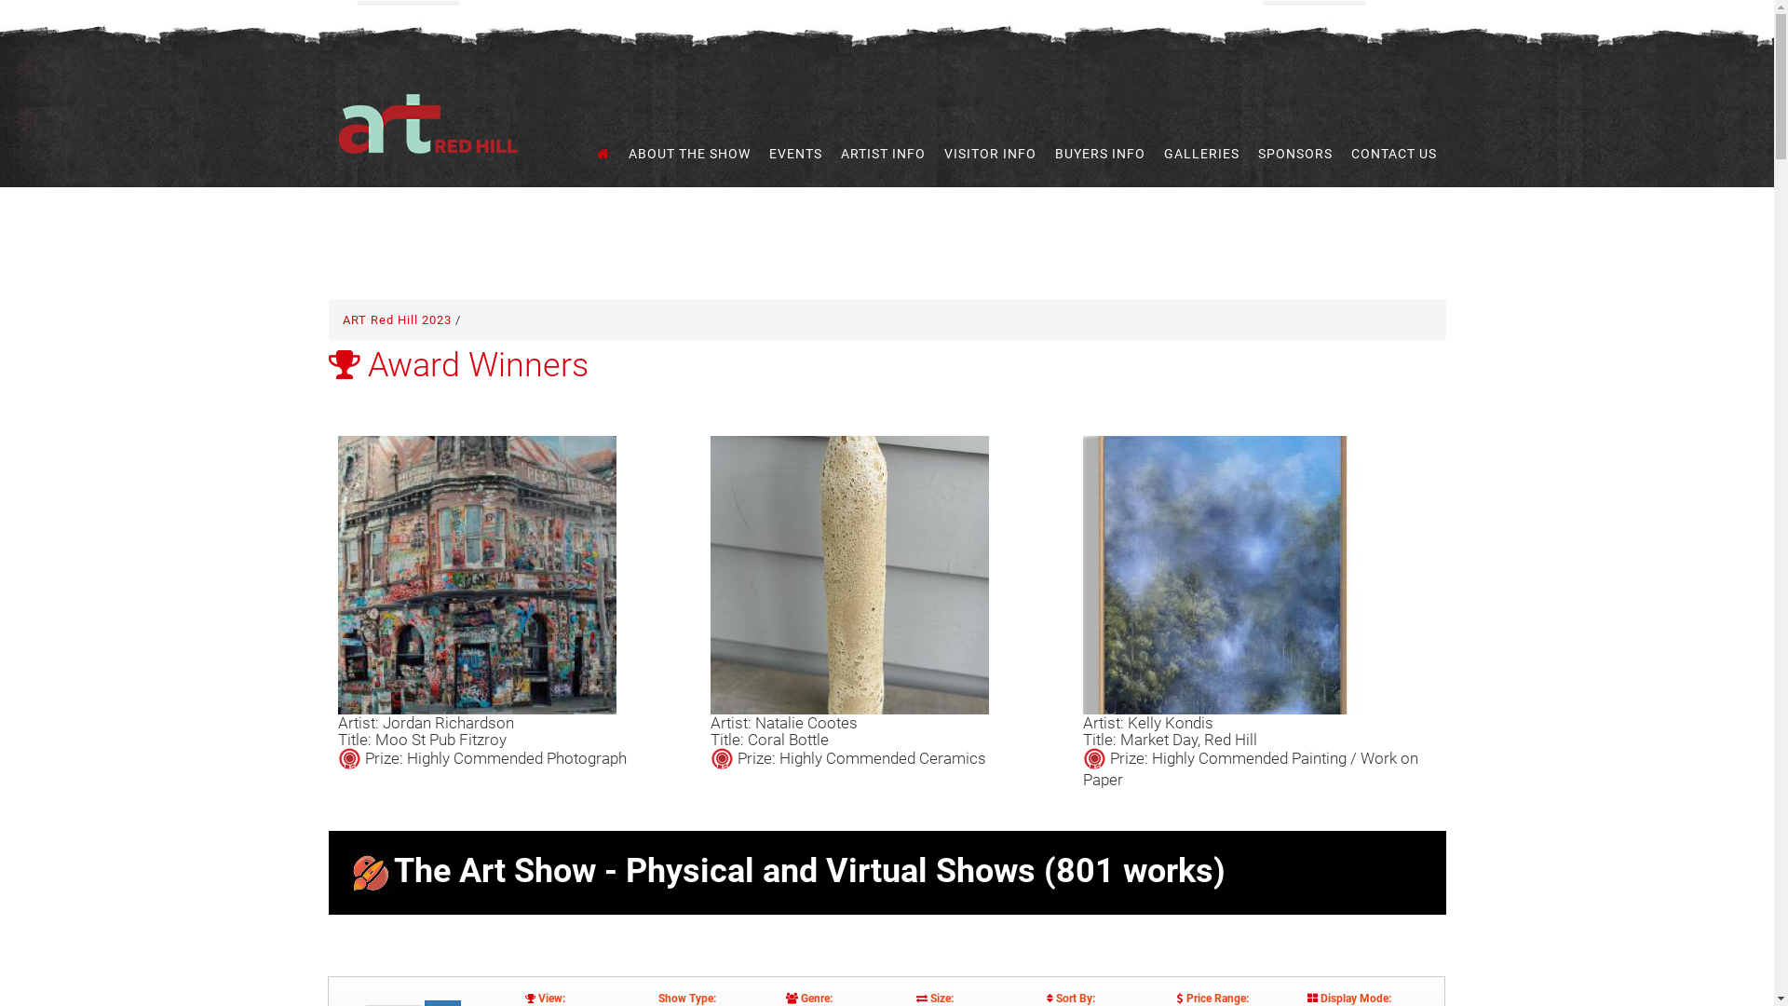 The image size is (1788, 1006). Describe the element at coordinates (359, 365) in the screenshot. I see `'Award Winners'` at that location.